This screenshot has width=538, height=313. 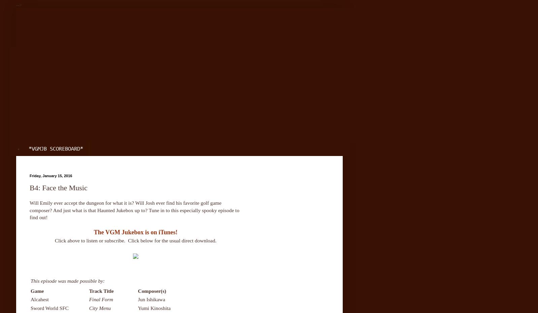 I want to click on 'Game', so click(x=37, y=290).